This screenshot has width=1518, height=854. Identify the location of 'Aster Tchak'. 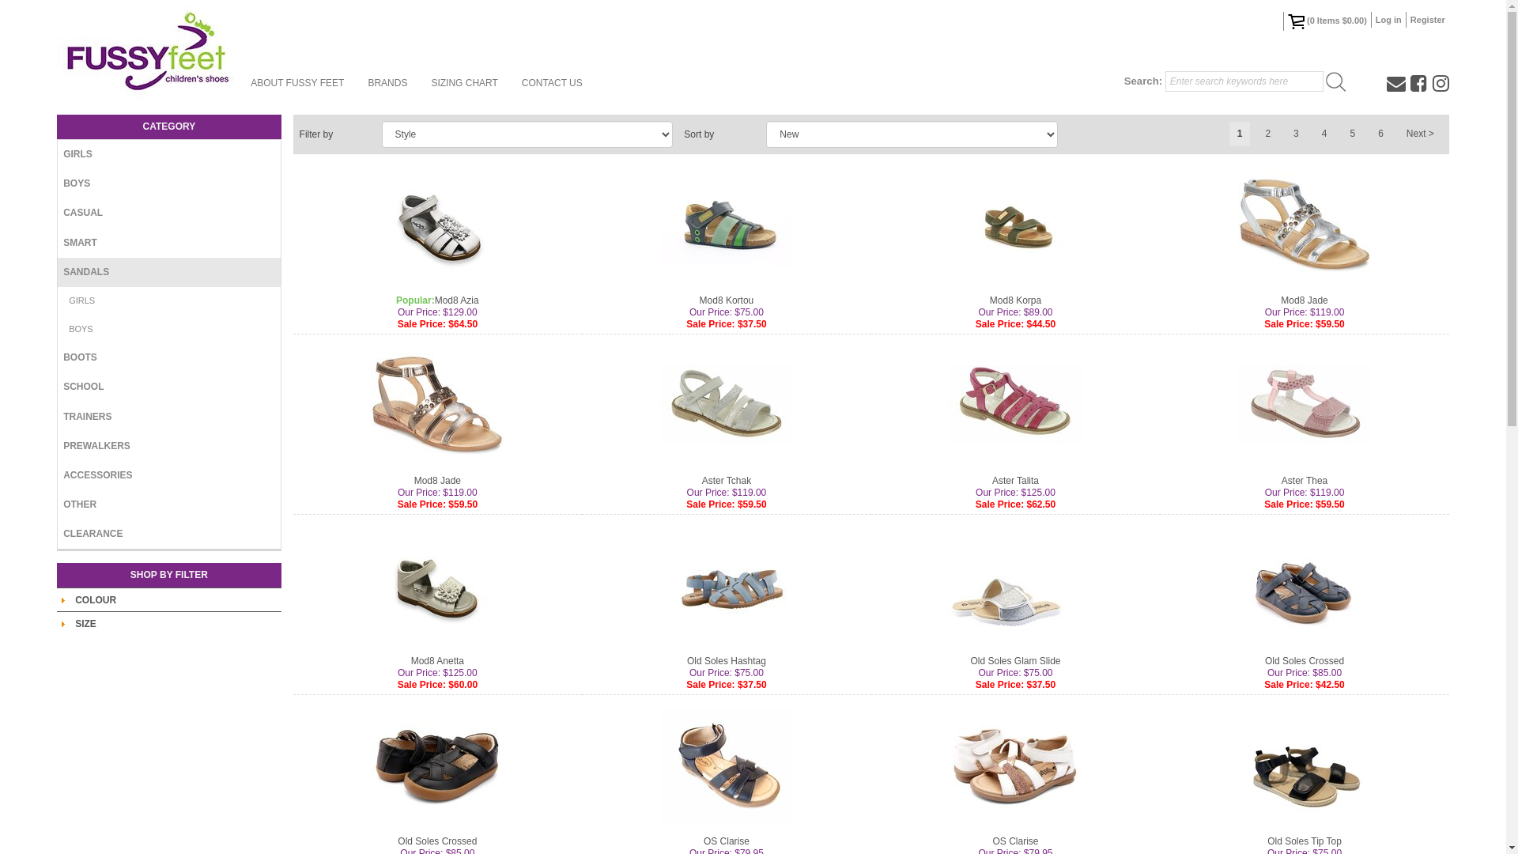
(701, 480).